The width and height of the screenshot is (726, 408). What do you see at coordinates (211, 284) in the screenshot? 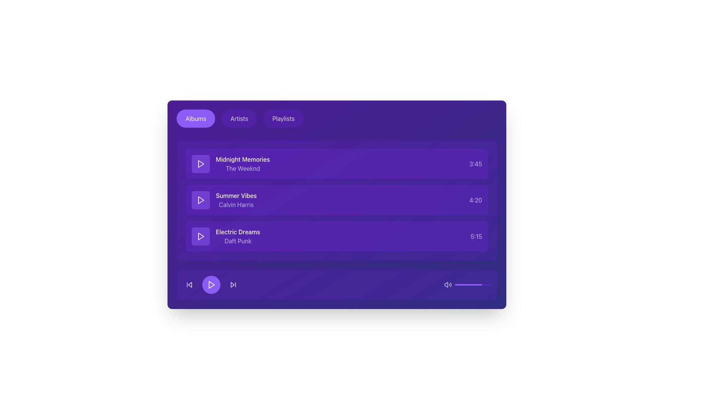
I see `the play button icon located at the bottom center of the music interface for visual feedback` at bounding box center [211, 284].